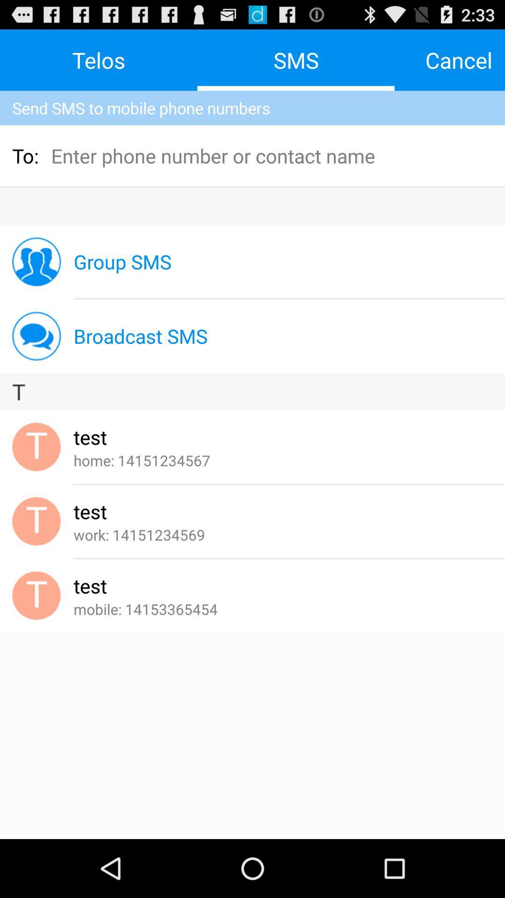 The height and width of the screenshot is (898, 505). I want to click on the app above the send sms to item, so click(458, 59).